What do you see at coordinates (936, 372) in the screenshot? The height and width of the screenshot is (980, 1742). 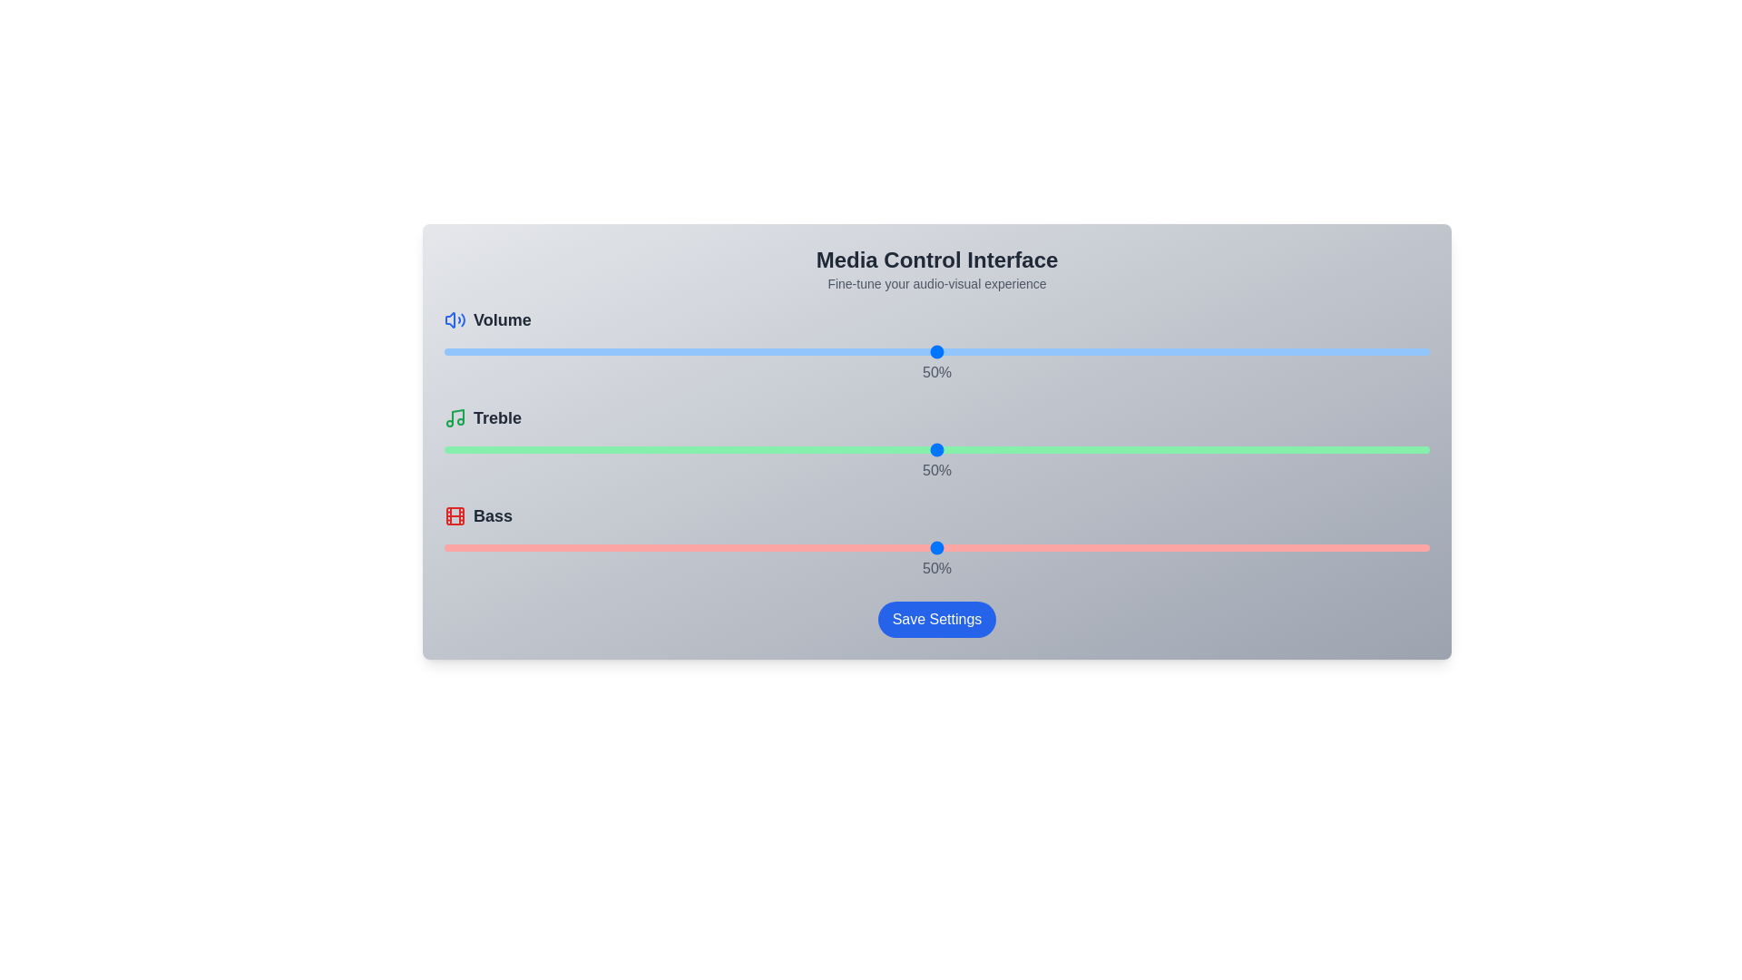 I see `the '50%' text label that is styled with gray color and is located below the blue progress bar in the 'Volume' setting section` at bounding box center [936, 372].